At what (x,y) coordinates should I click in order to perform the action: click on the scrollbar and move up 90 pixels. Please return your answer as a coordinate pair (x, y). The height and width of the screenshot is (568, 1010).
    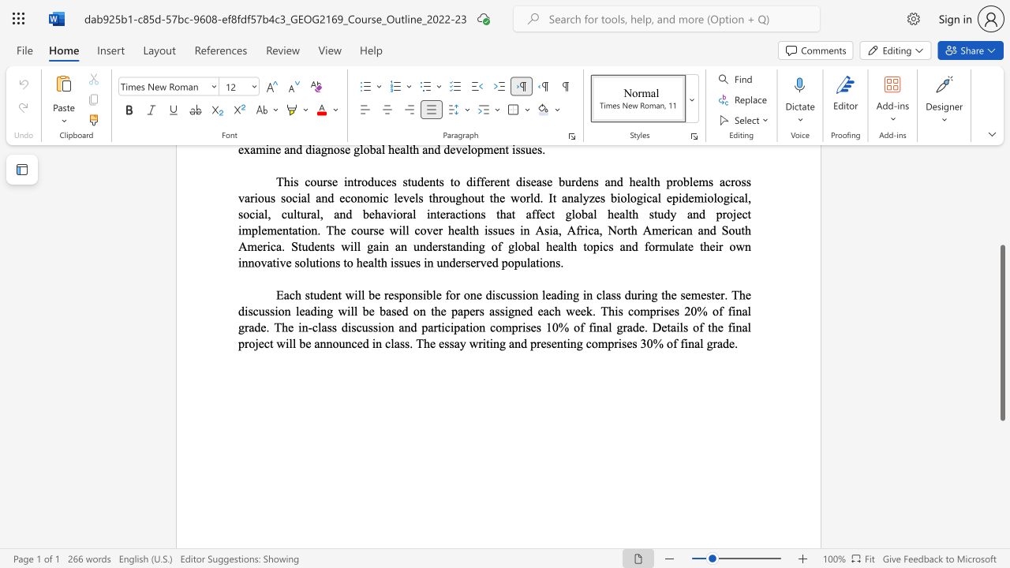
    Looking at the image, I should click on (1001, 331).